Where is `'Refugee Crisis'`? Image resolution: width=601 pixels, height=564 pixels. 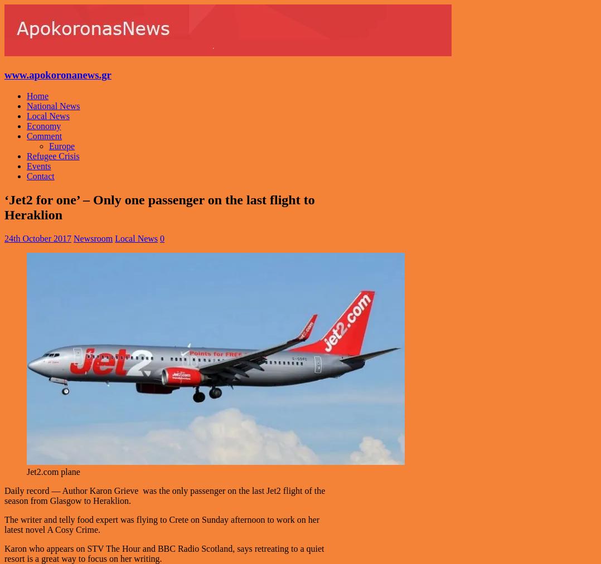 'Refugee Crisis' is located at coordinates (26, 155).